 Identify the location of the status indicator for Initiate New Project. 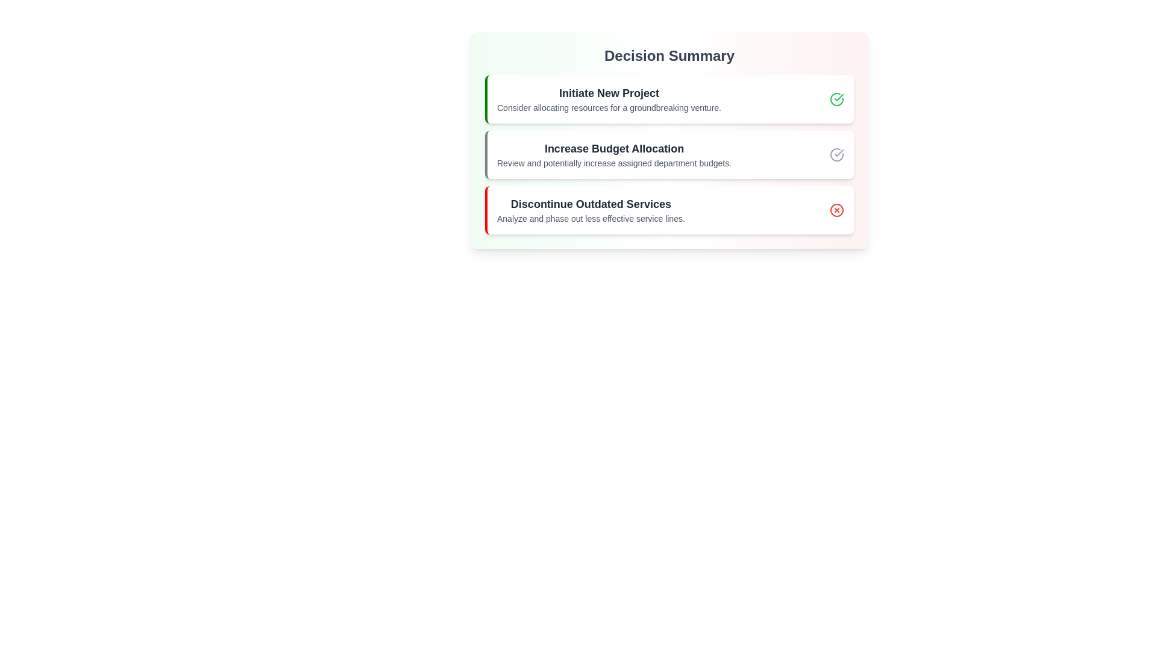
(836, 99).